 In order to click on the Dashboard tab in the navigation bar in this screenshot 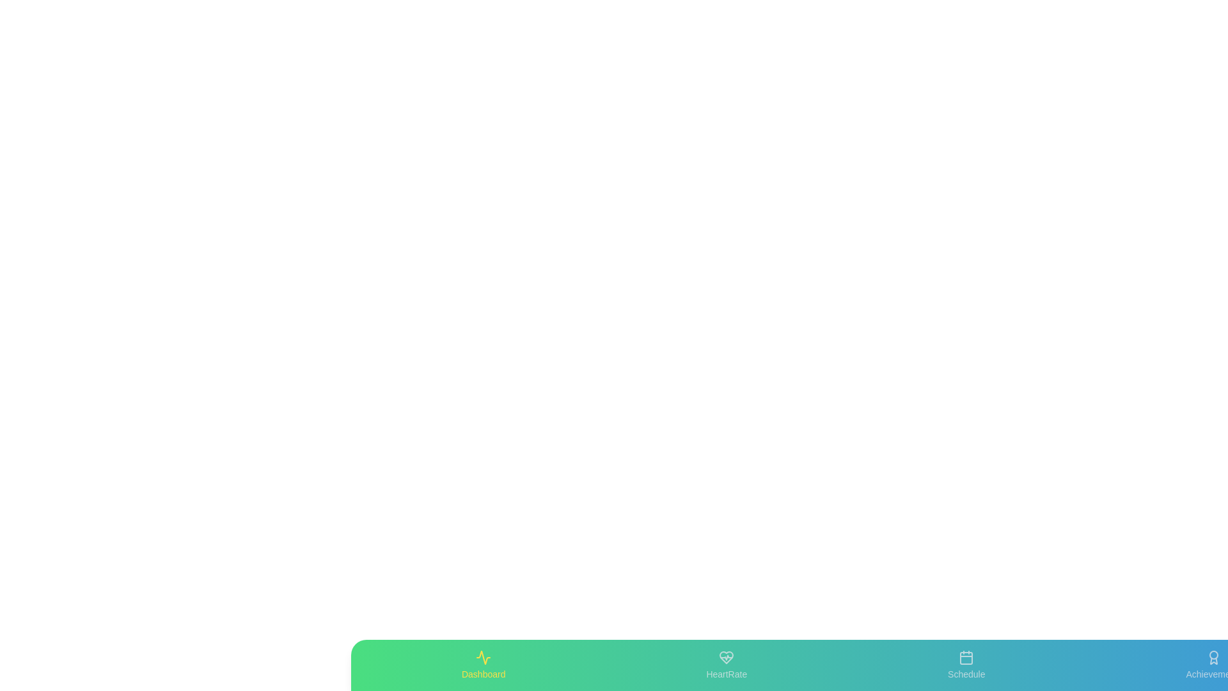, I will do `click(482, 665)`.